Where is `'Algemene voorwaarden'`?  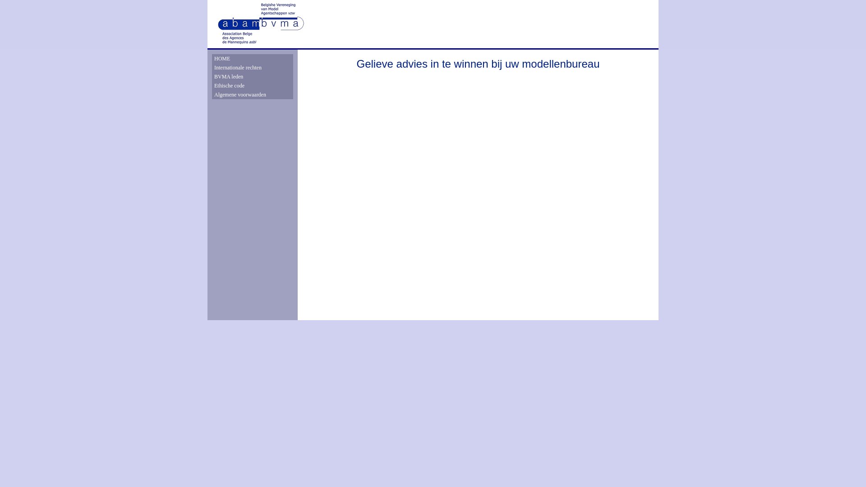 'Algemene voorwaarden' is located at coordinates (253, 94).